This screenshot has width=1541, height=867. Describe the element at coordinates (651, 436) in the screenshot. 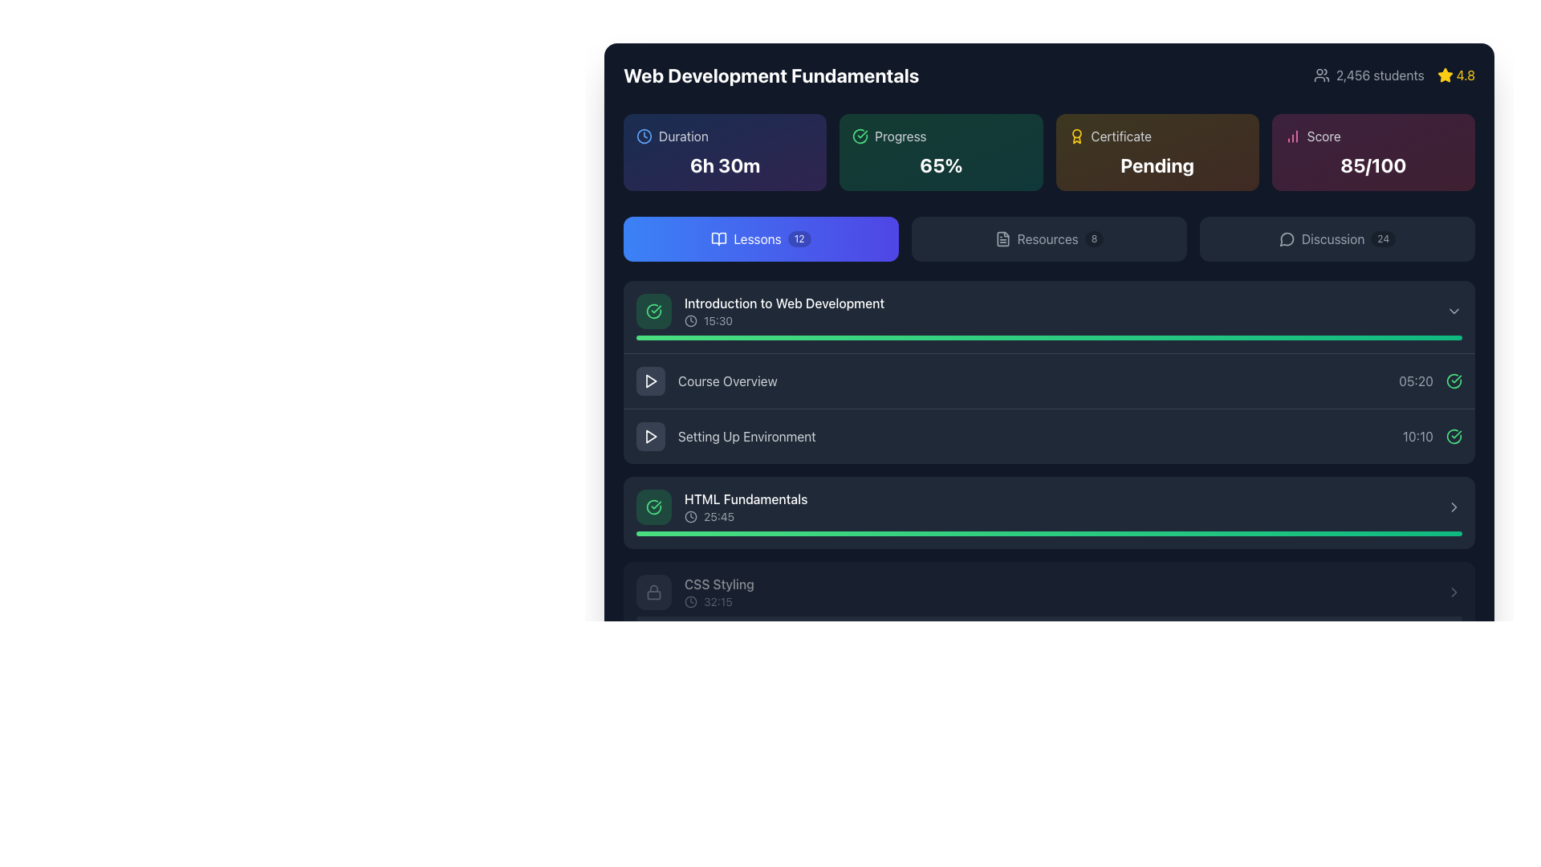

I see `the triangular white play icon located within the circular dark gray button, which is the first interactive component in the third row of the 'Setting Up Environment' course item` at that location.